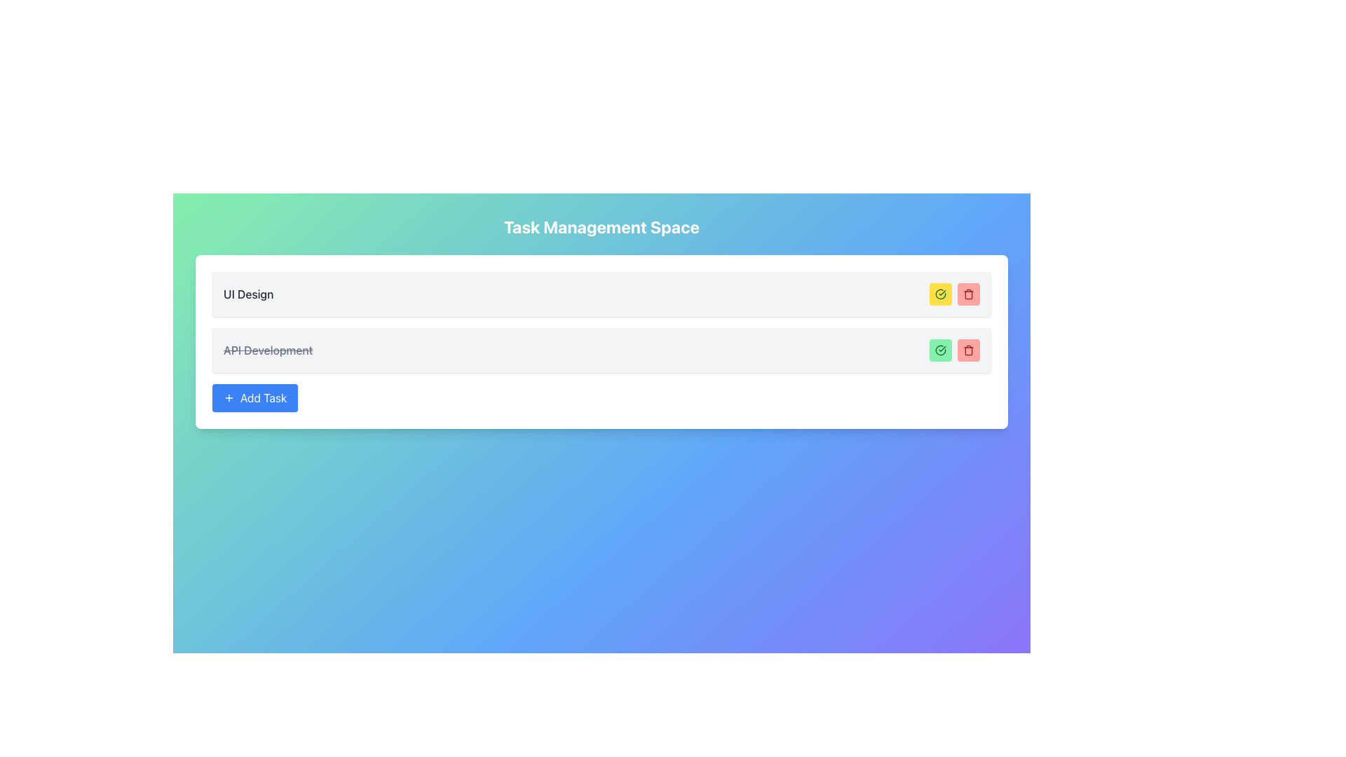 The width and height of the screenshot is (1346, 757). Describe the element at coordinates (268, 350) in the screenshot. I see `the Static Text element labeled 'API Development' which has a strikethrough effect and is styled in gray color, located in the second row beneath 'UI Design'` at that location.